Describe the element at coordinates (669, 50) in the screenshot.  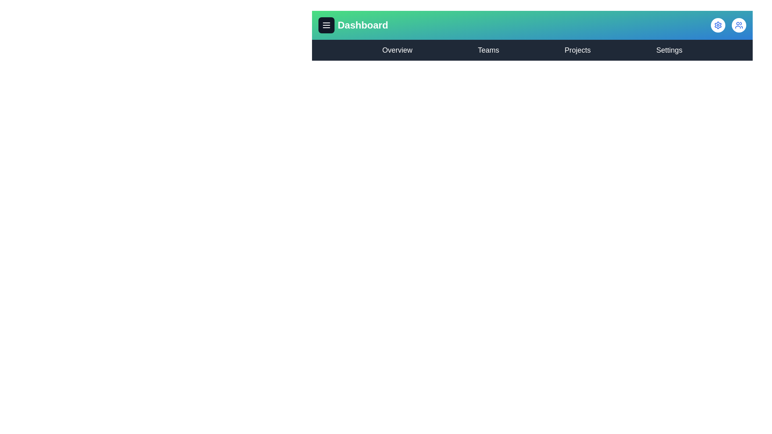
I see `the Settings navigation link` at that location.